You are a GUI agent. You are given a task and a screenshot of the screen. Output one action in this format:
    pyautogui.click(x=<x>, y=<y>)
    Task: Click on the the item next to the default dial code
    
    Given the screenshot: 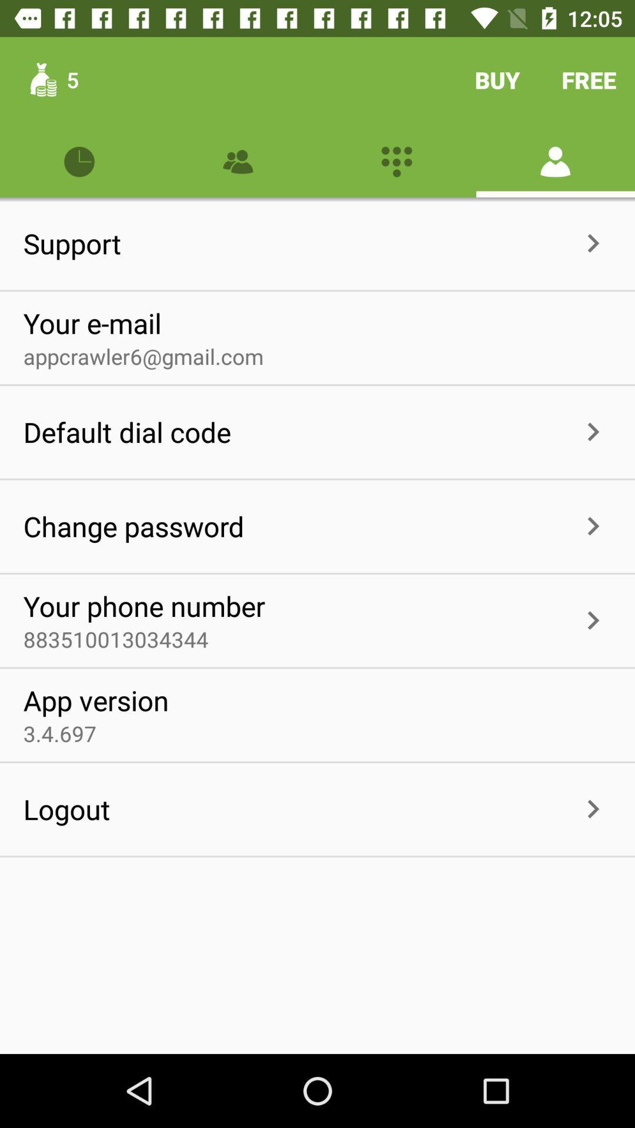 What is the action you would take?
    pyautogui.click(x=402, y=431)
    